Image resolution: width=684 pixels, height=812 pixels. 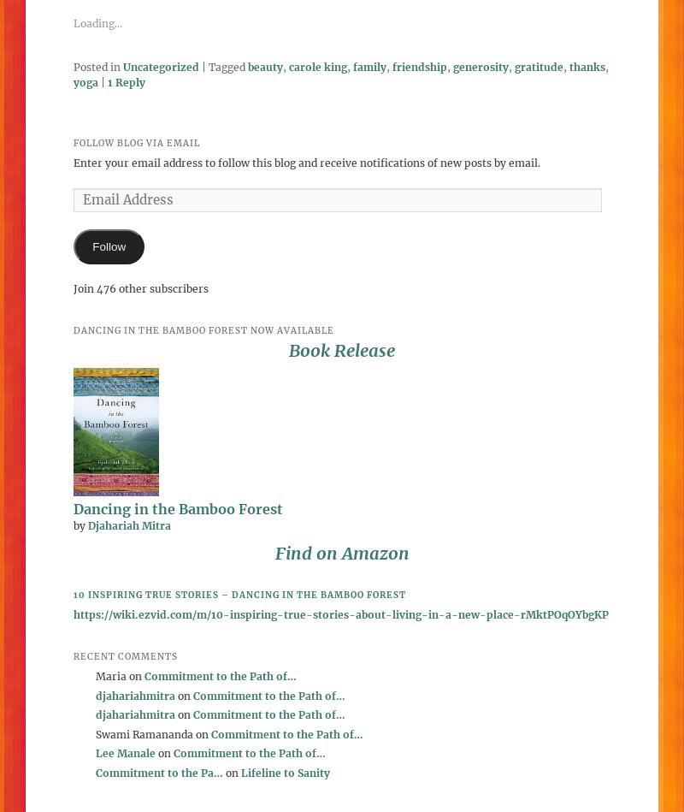 I want to click on 'Posted in', so click(x=96, y=66).